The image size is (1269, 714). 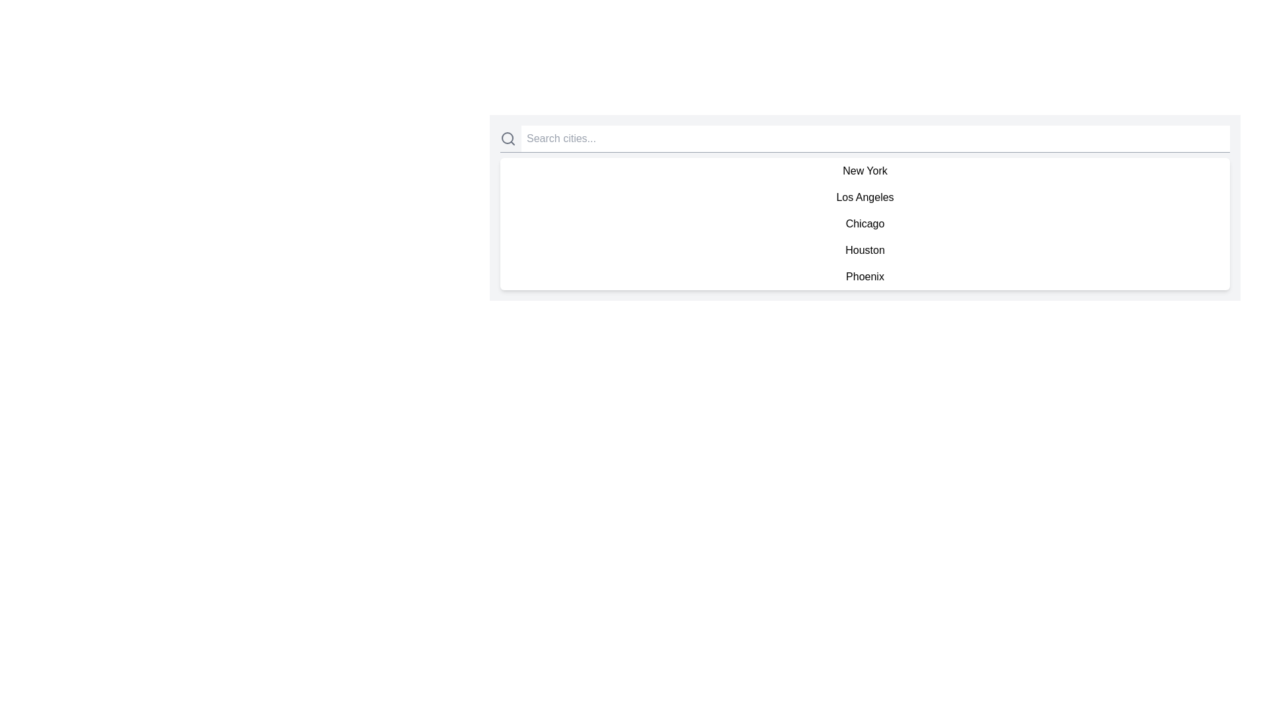 What do you see at coordinates (507, 138) in the screenshot?
I see `the graphical SVG circle element that is part of the search icon located at the top left of the text input field labeled 'Search cities...'` at bounding box center [507, 138].